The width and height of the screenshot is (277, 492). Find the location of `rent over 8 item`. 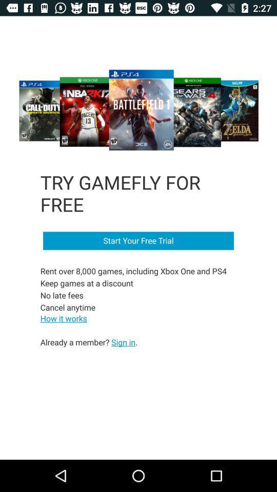

rent over 8 item is located at coordinates (134, 289).